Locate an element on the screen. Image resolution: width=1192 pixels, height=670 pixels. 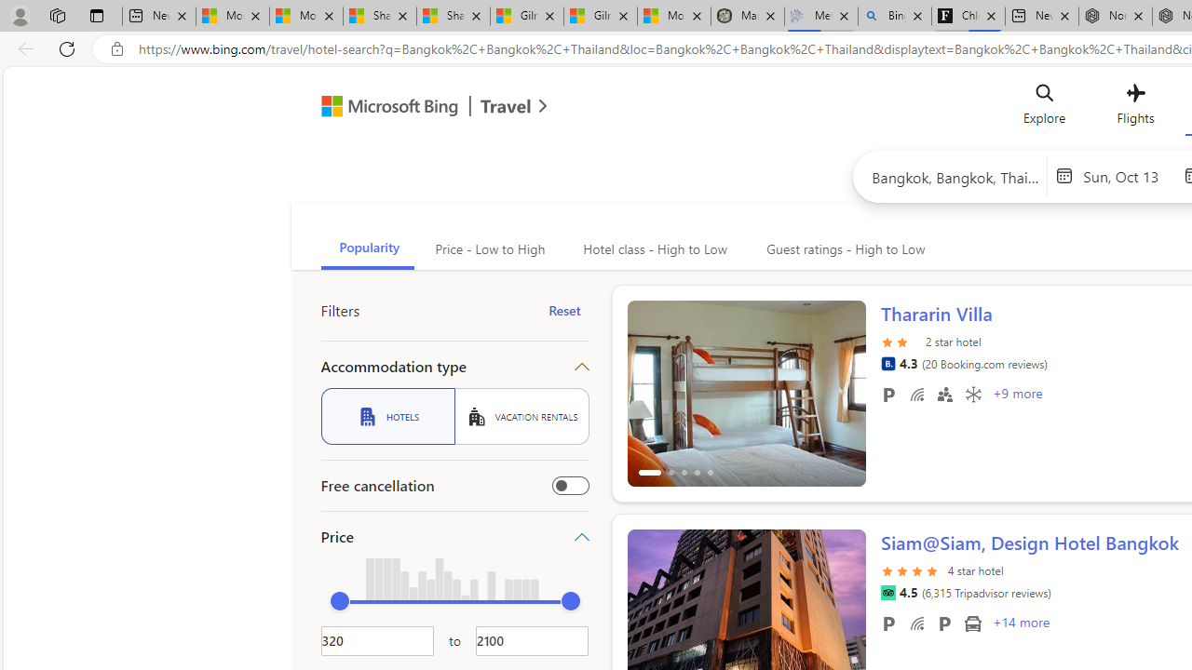
'Personal Profile' is located at coordinates (20, 15).